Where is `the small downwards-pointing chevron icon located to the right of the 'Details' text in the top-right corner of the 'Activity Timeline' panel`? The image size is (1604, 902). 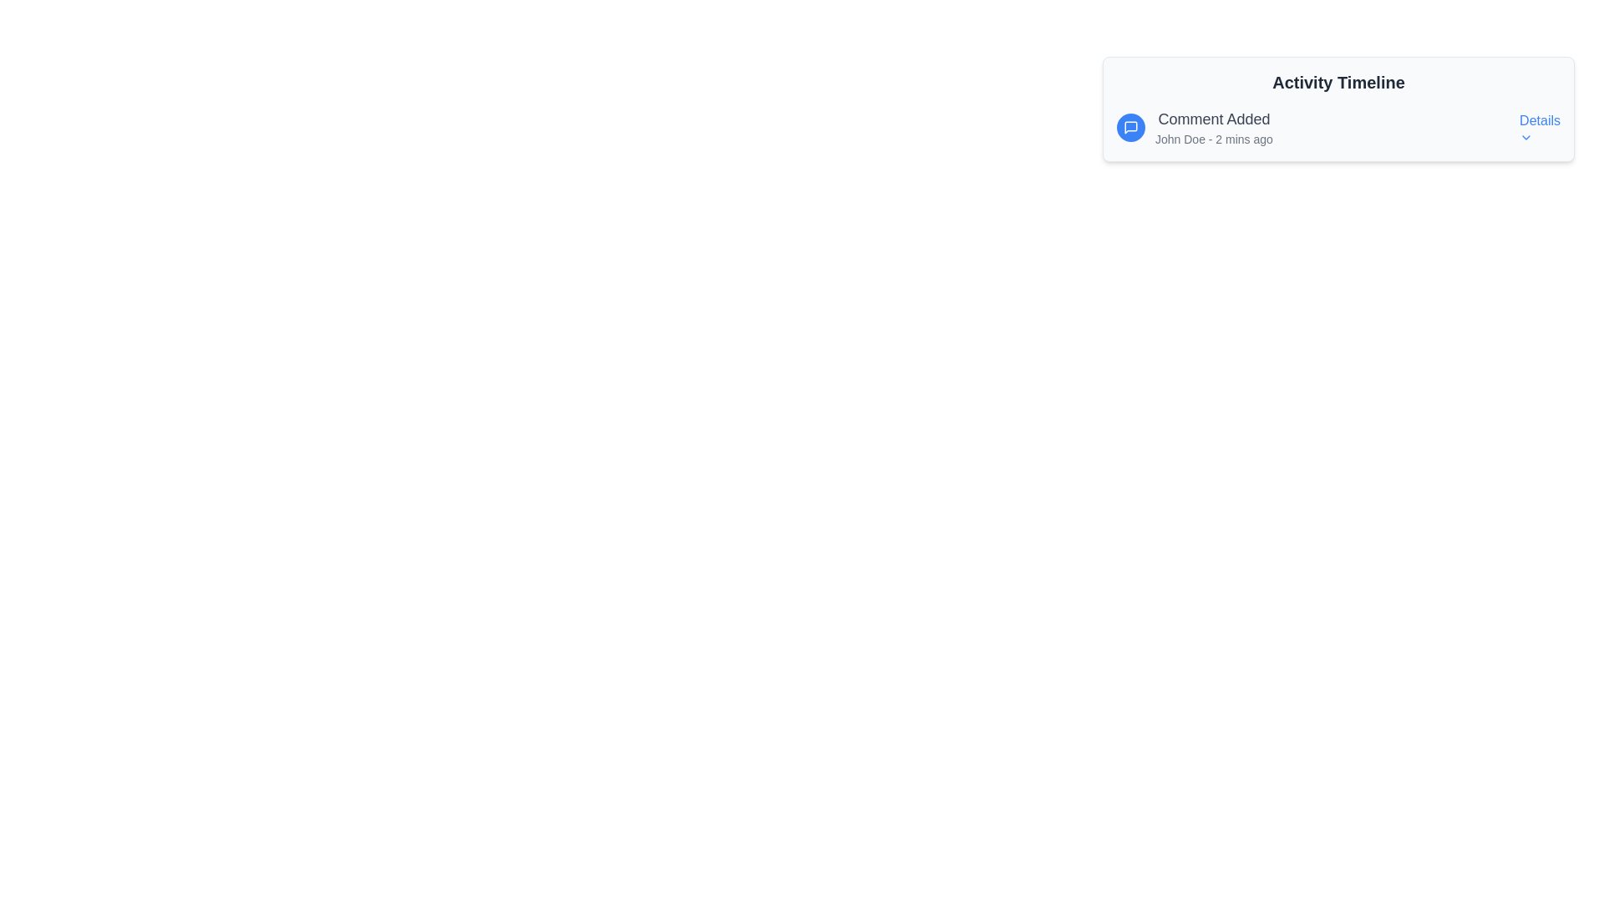 the small downwards-pointing chevron icon located to the right of the 'Details' text in the top-right corner of the 'Activity Timeline' panel is located at coordinates (1526, 137).